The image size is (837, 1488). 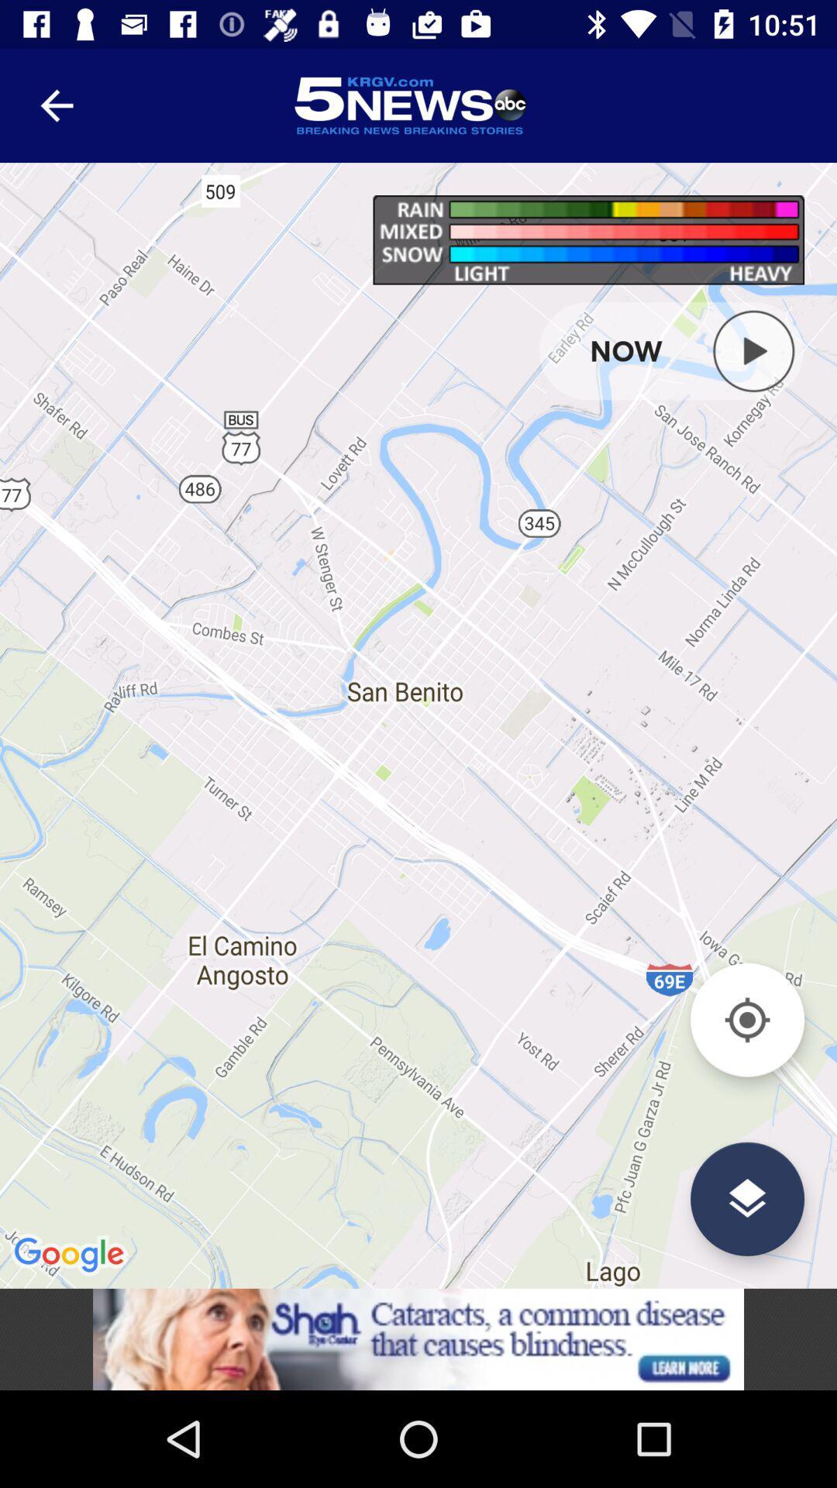 I want to click on advertisement click, so click(x=418, y=1338).